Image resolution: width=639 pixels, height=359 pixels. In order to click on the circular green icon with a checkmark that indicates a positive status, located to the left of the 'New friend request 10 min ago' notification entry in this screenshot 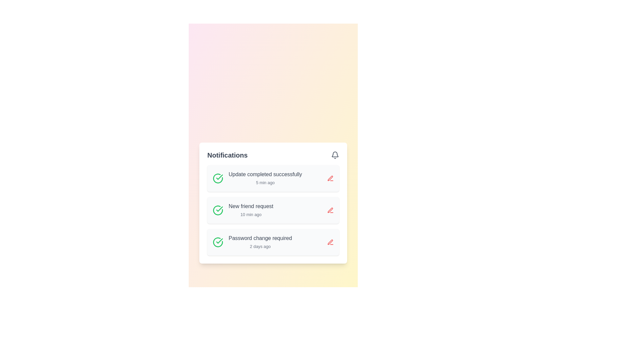, I will do `click(218, 210)`.